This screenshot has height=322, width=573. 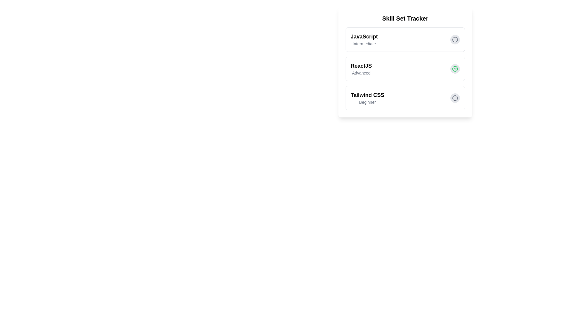 What do you see at coordinates (361, 69) in the screenshot?
I see `text from the 'ReactJS' label followed by the 'Advanced' label in the second item of the 'Skill Set Tracker' list` at bounding box center [361, 69].